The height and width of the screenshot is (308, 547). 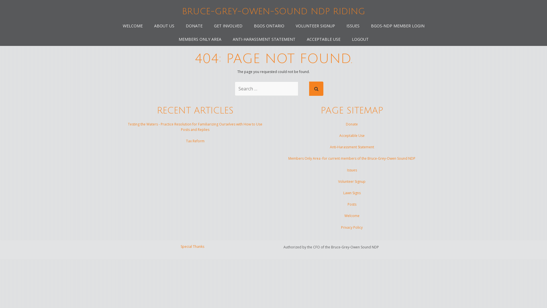 What do you see at coordinates (264, 39) in the screenshot?
I see `'ANTI-HARASSMENT STATEMENT'` at bounding box center [264, 39].